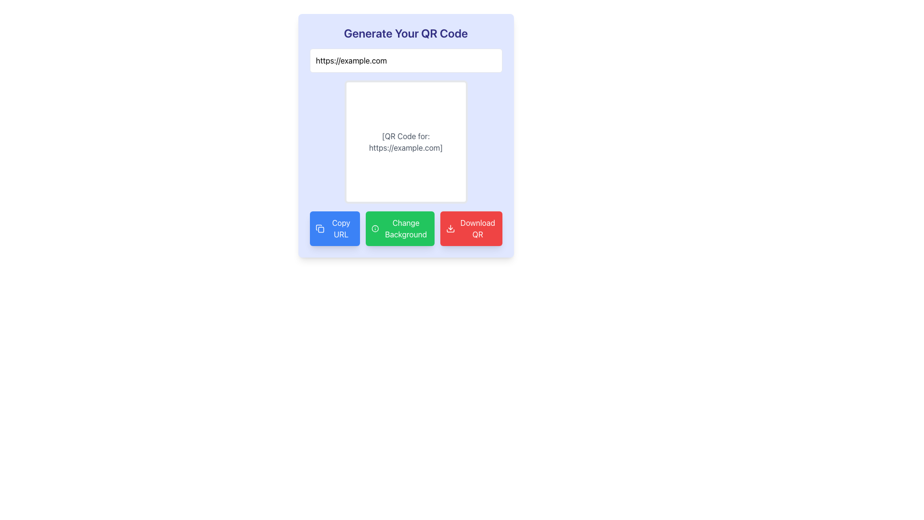 The width and height of the screenshot is (924, 520). What do you see at coordinates (321, 230) in the screenshot?
I see `the decorative SVG graphical element that is part of an icon group located in the bottom-left area of the interface, which is second in a horizontal arrangement next to two other buttons` at bounding box center [321, 230].